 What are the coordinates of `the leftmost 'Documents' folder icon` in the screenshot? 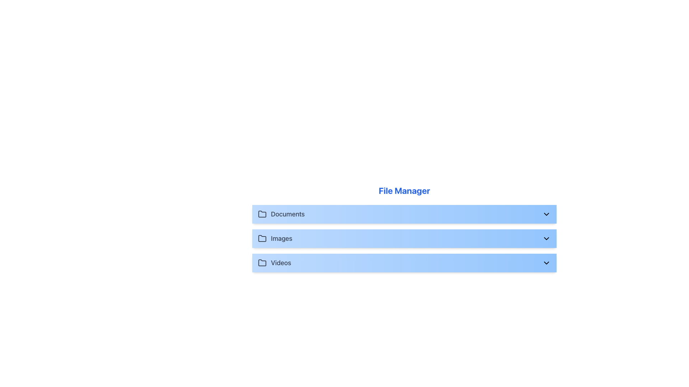 It's located at (262, 214).